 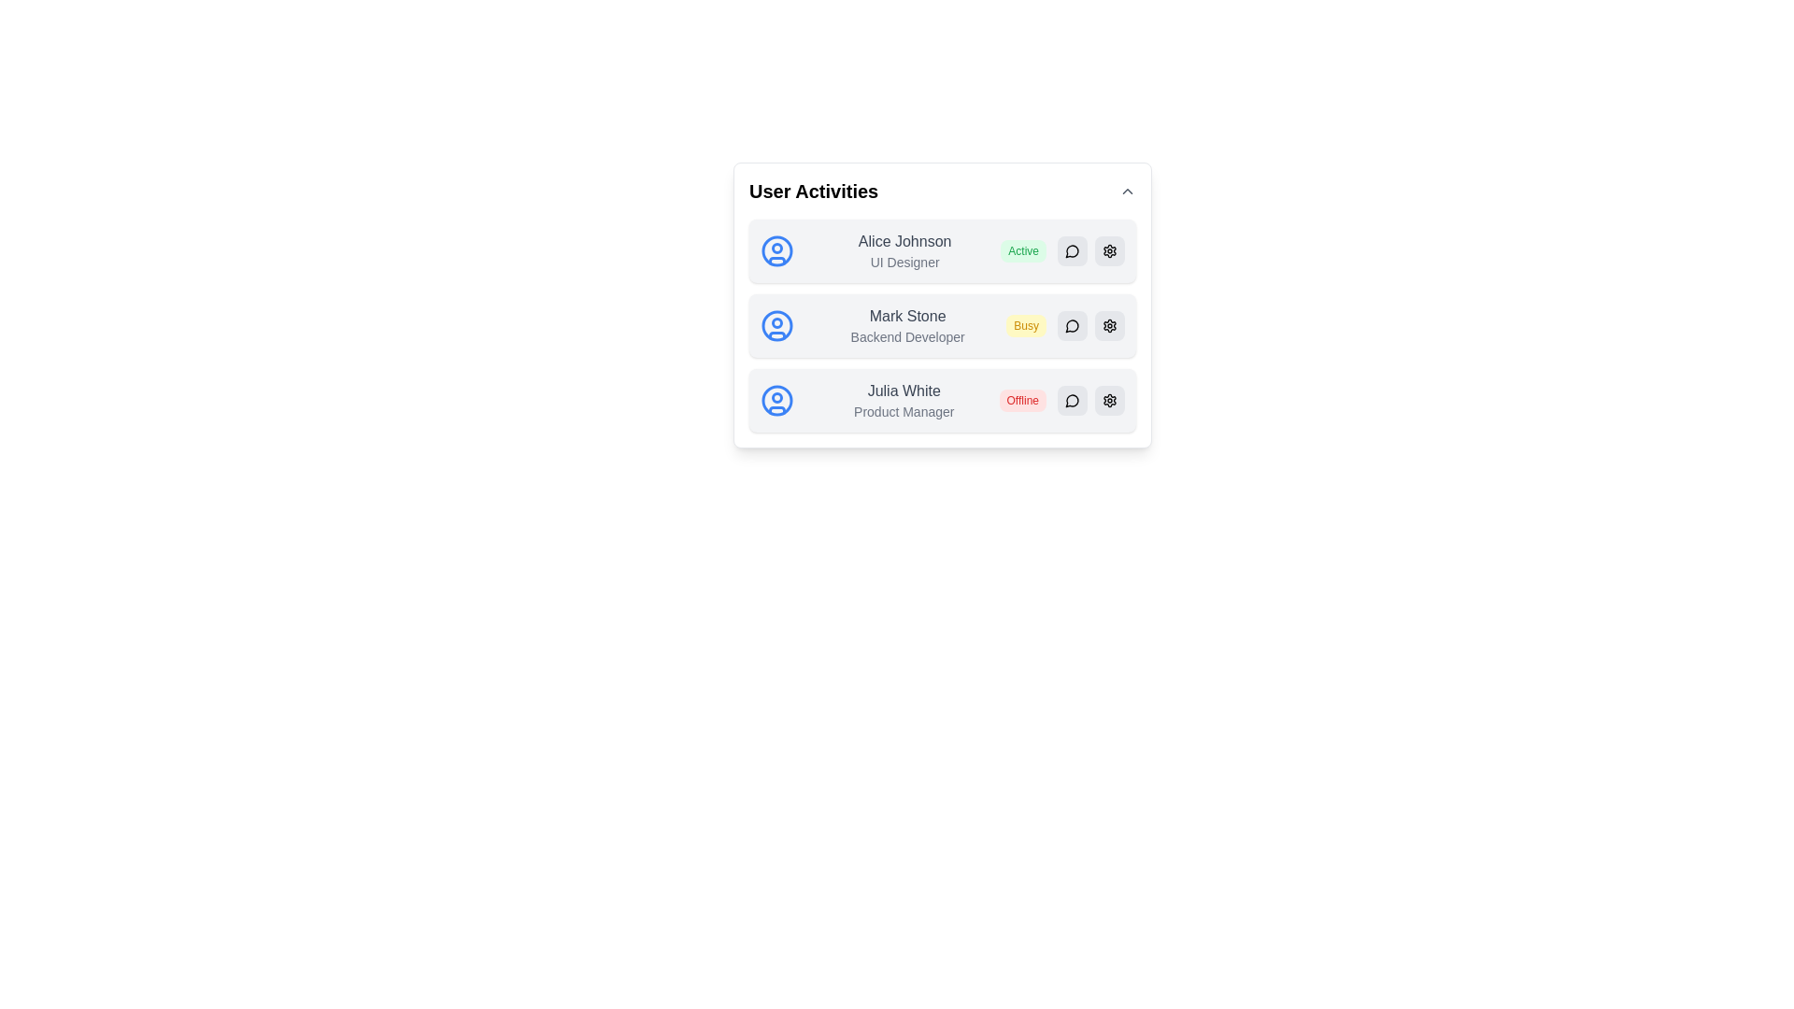 What do you see at coordinates (1072, 399) in the screenshot?
I see `the message/chat icon associated with user Julia White` at bounding box center [1072, 399].